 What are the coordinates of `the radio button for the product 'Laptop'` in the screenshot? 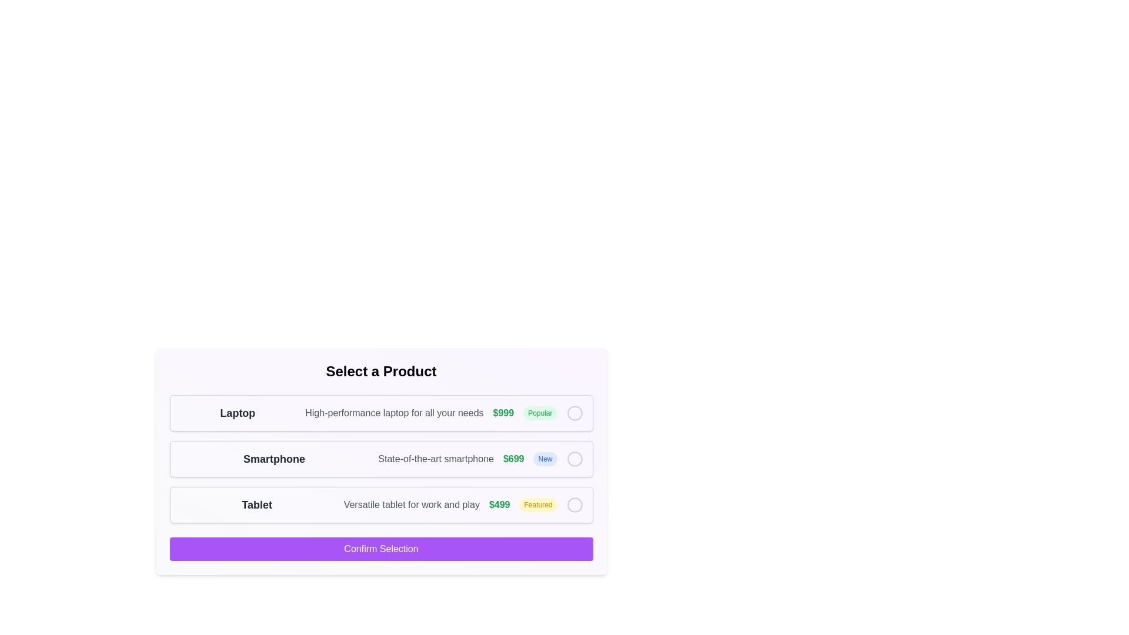 It's located at (574, 412).